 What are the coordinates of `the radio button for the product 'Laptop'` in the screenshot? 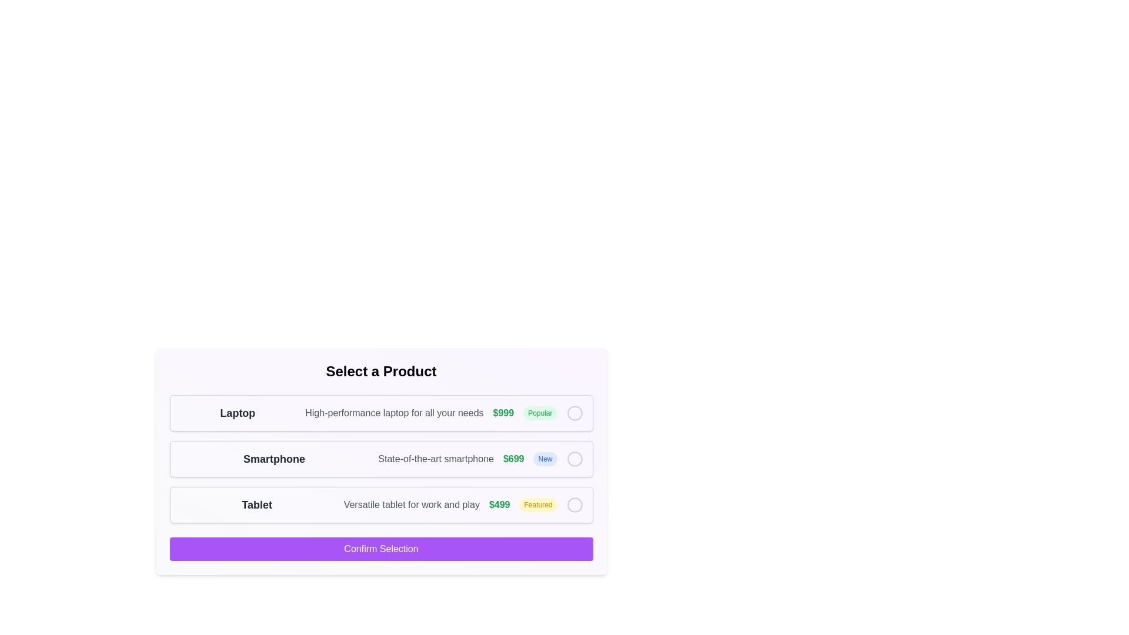 It's located at (574, 412).